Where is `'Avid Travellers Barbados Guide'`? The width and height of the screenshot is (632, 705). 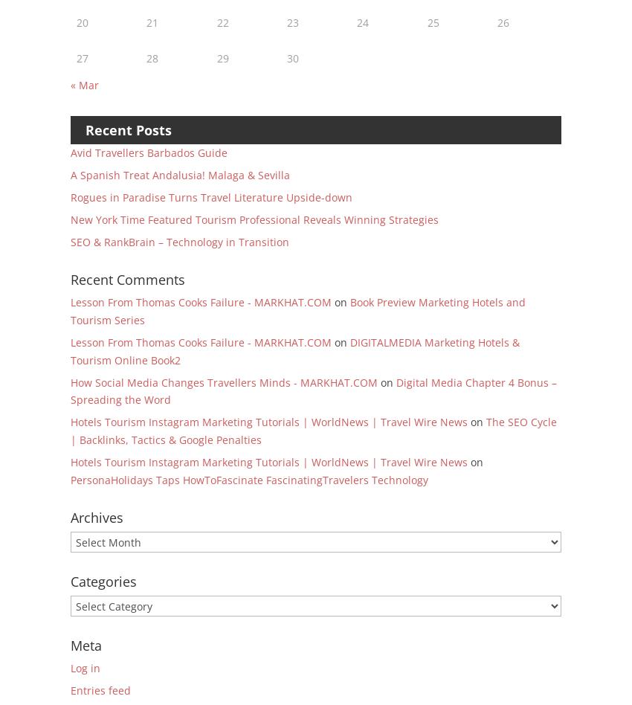
'Avid Travellers Barbados Guide' is located at coordinates (148, 152).